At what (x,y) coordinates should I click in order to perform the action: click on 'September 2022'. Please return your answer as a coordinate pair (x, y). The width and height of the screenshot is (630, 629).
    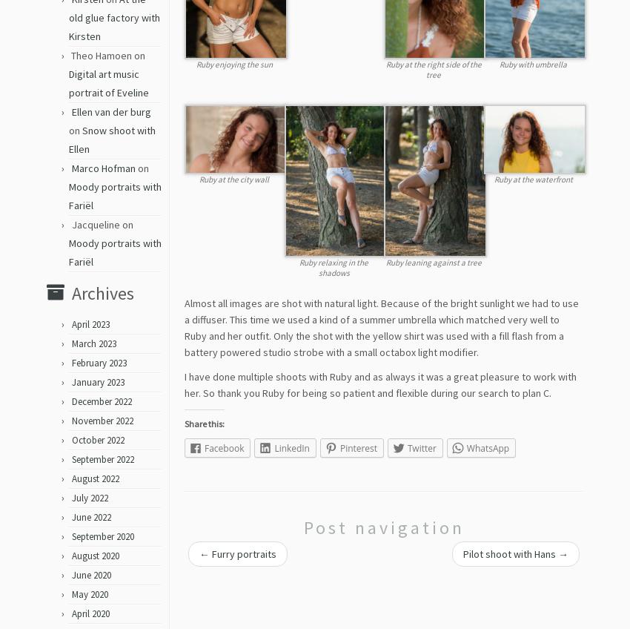
    Looking at the image, I should click on (70, 464).